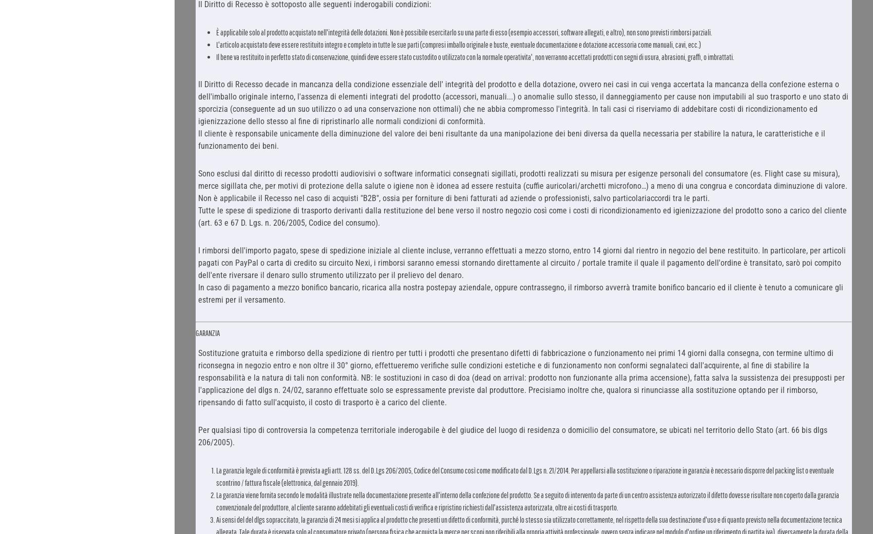 Image resolution: width=873 pixels, height=534 pixels. Describe the element at coordinates (206, 332) in the screenshot. I see `'GARANZIA'` at that location.